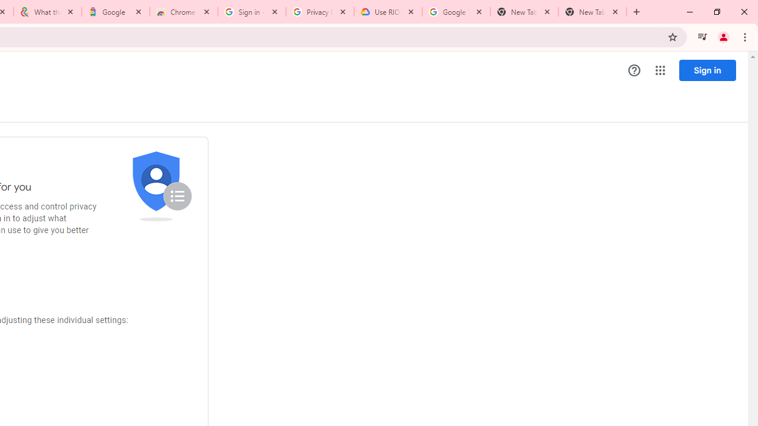  I want to click on 'New Tab', so click(592, 12).